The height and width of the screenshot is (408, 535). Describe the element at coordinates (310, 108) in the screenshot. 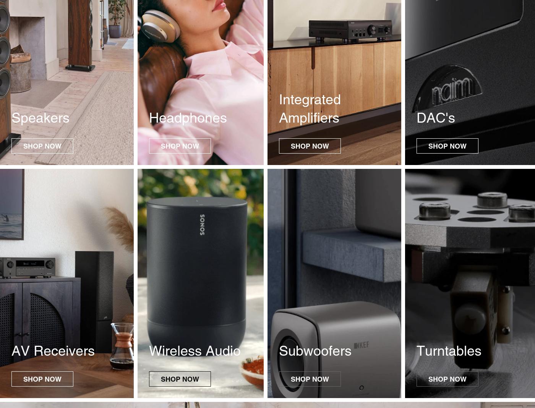

I see `'Integrated Amplifiers'` at that location.